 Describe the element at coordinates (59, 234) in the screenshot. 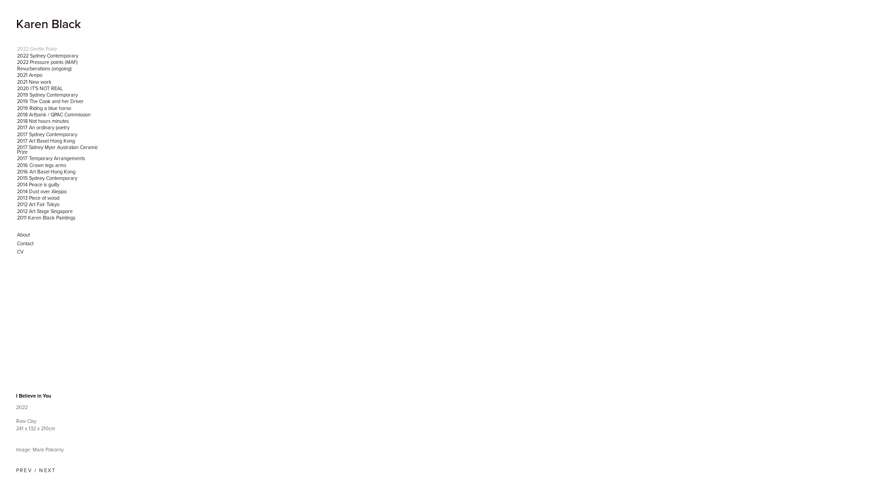

I see `'About'` at that location.